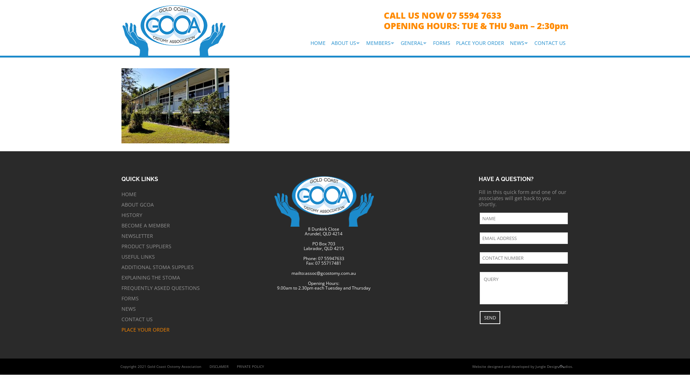 The height and width of the screenshot is (388, 690). What do you see at coordinates (489, 317) in the screenshot?
I see `'SEND'` at bounding box center [489, 317].